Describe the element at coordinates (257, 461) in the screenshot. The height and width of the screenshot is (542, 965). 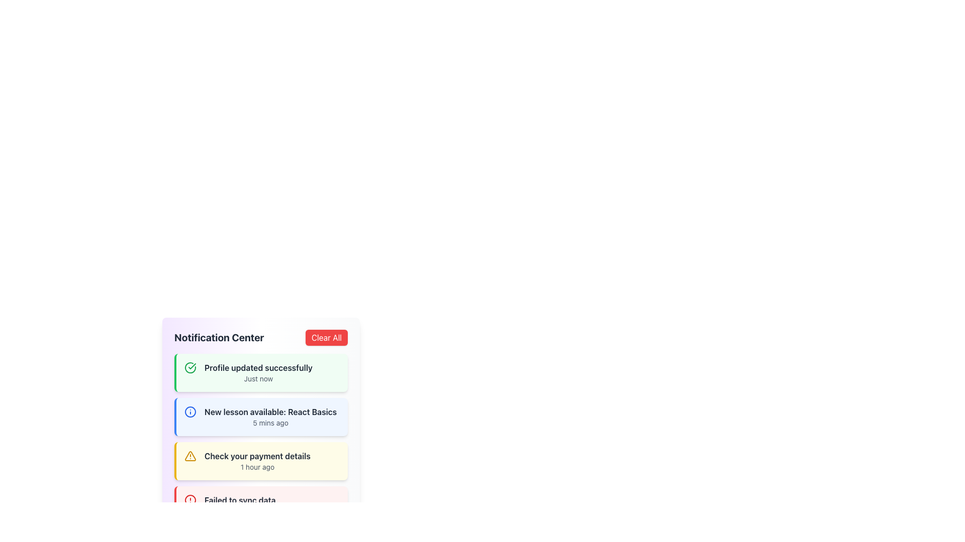
I see `the Notification card displaying 'Check your payment details'` at that location.